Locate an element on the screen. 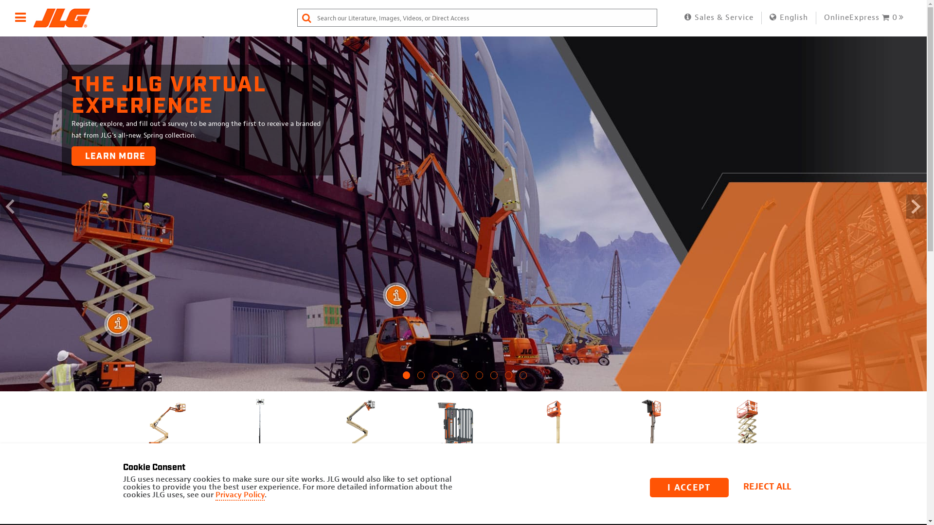 This screenshot has width=934, height=525. 'LEARN MORE' is located at coordinates (113, 155).